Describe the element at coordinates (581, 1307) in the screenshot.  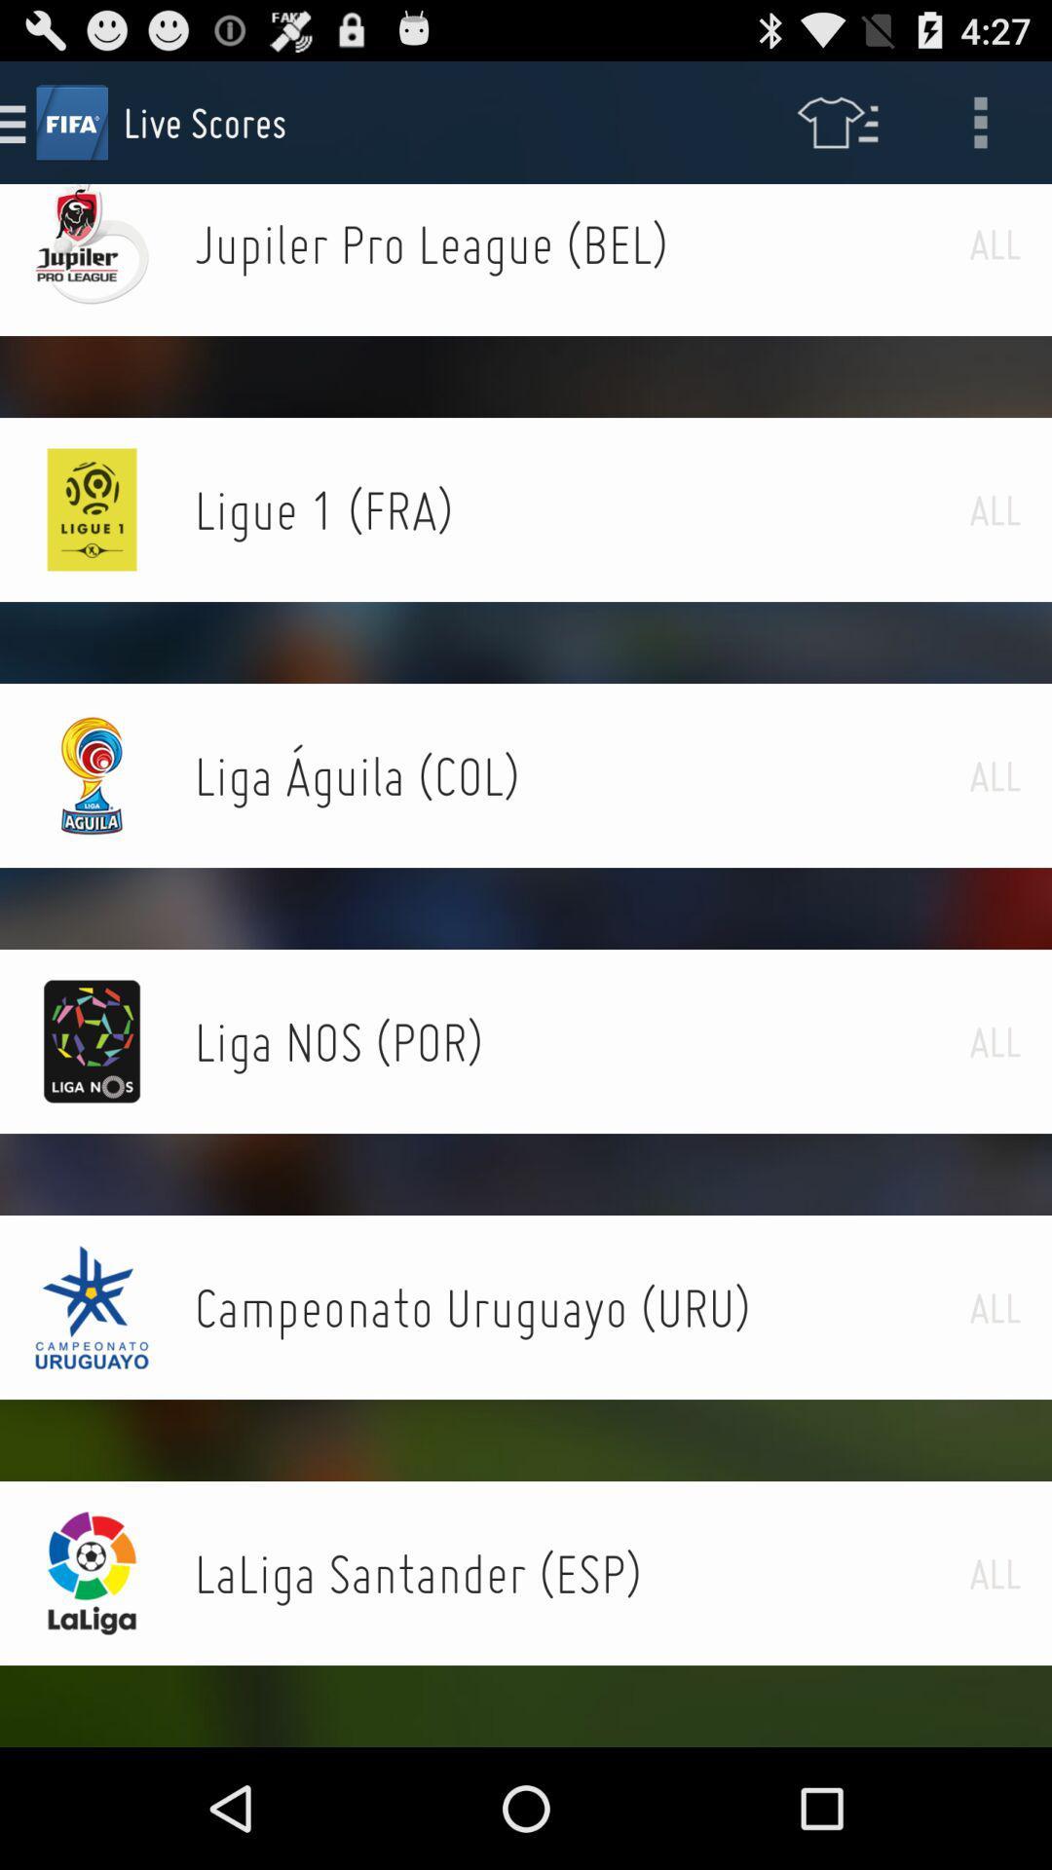
I see `the campeonato uruguayo (uru) icon` at that location.